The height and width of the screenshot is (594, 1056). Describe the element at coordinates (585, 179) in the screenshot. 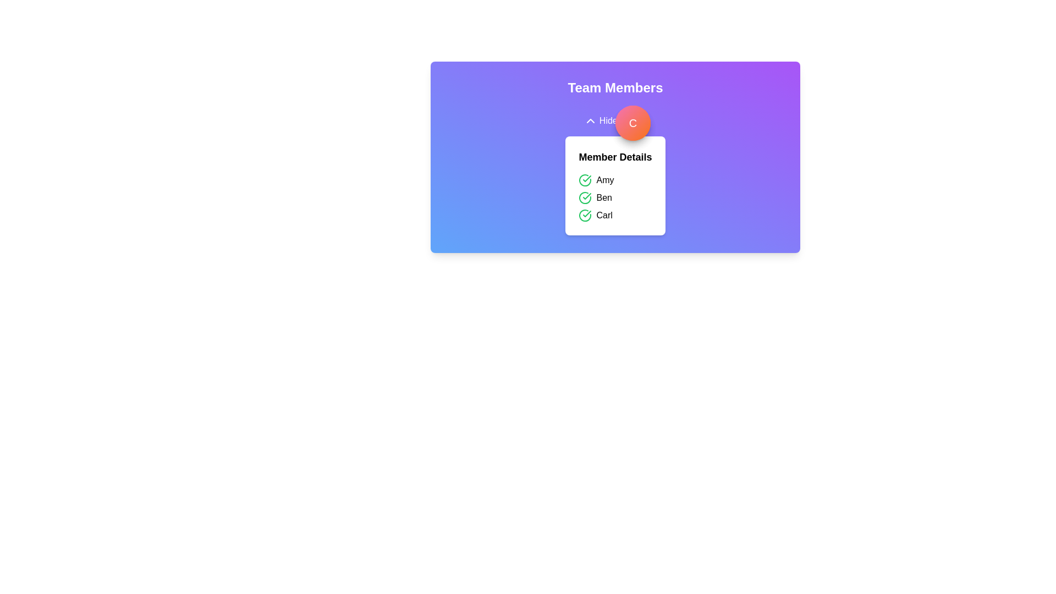

I see `the Checkmark icon that indicates the selection status of the associated item 'Amy'` at that location.